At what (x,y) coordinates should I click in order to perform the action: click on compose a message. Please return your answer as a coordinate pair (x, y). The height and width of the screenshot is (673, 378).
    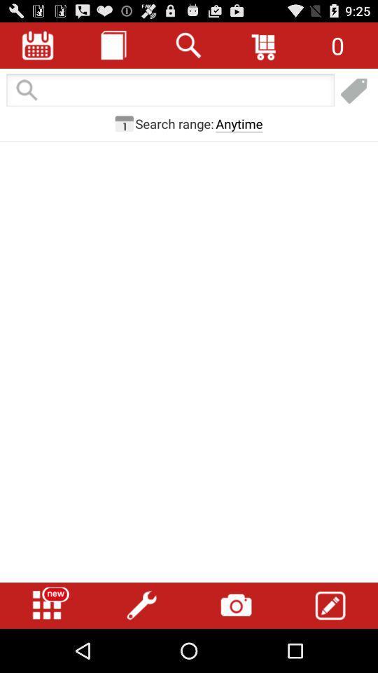
    Looking at the image, I should click on (330, 605).